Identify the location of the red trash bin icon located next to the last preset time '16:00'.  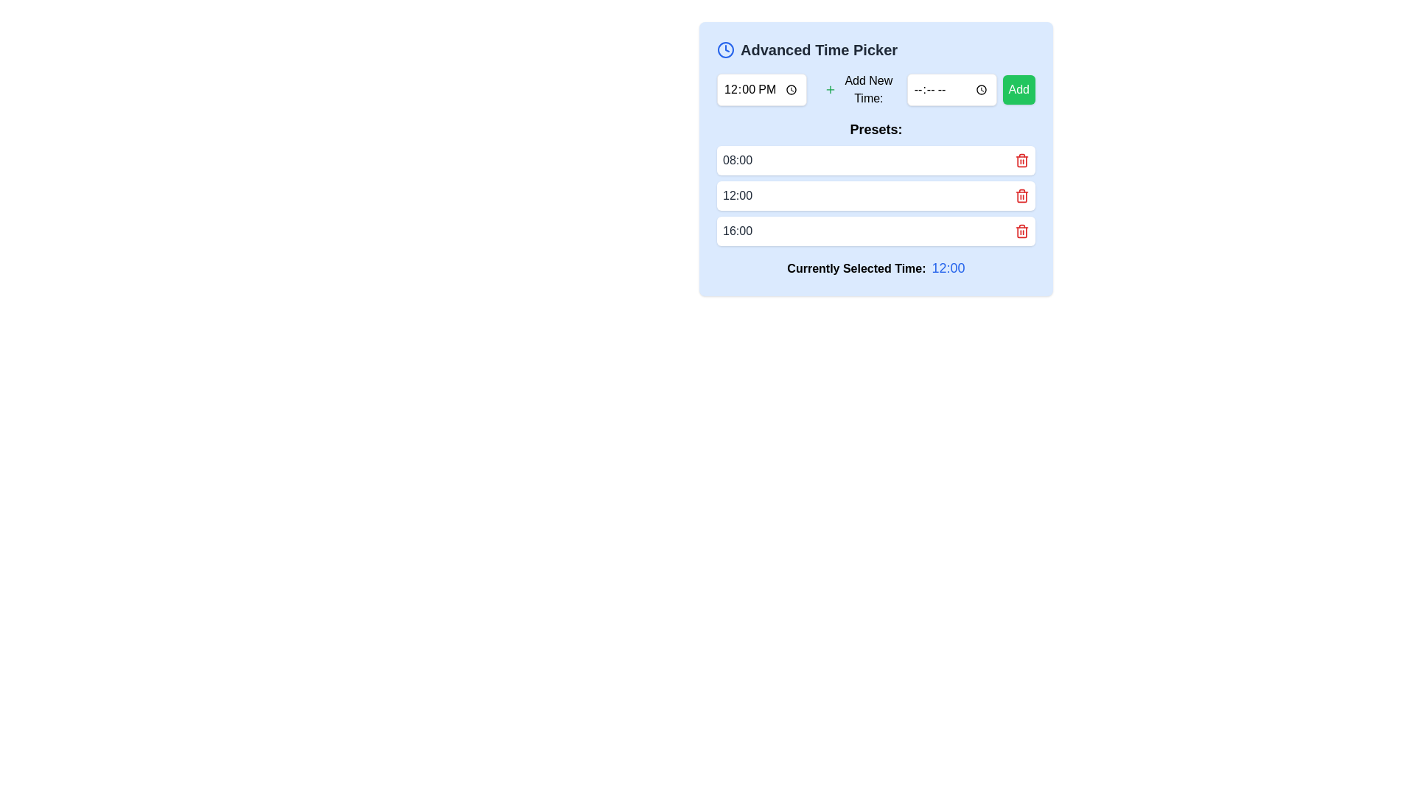
(1021, 231).